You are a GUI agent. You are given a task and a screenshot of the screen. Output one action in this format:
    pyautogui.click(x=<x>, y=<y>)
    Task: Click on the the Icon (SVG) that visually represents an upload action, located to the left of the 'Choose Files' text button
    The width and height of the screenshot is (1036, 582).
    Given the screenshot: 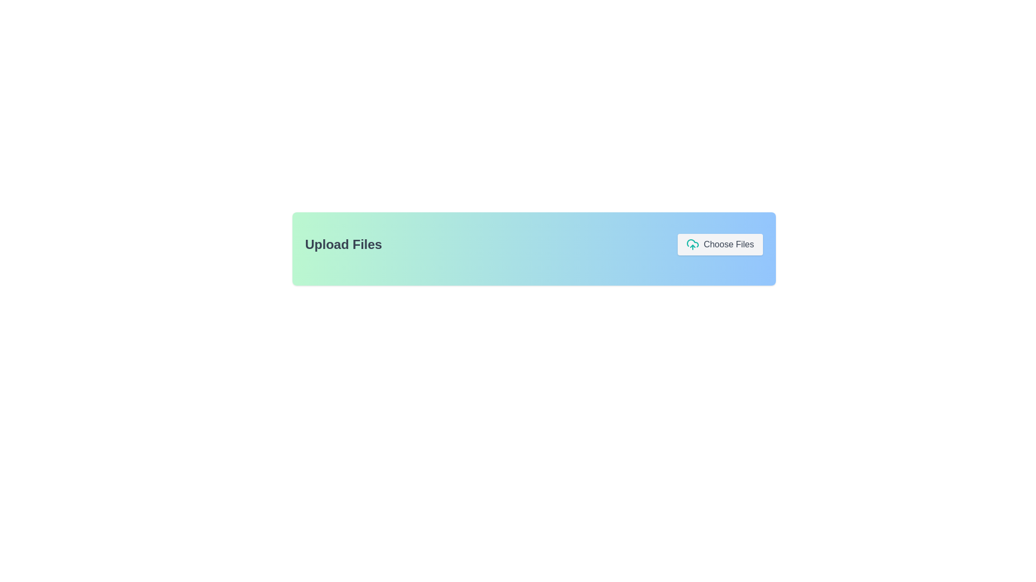 What is the action you would take?
    pyautogui.click(x=693, y=245)
    